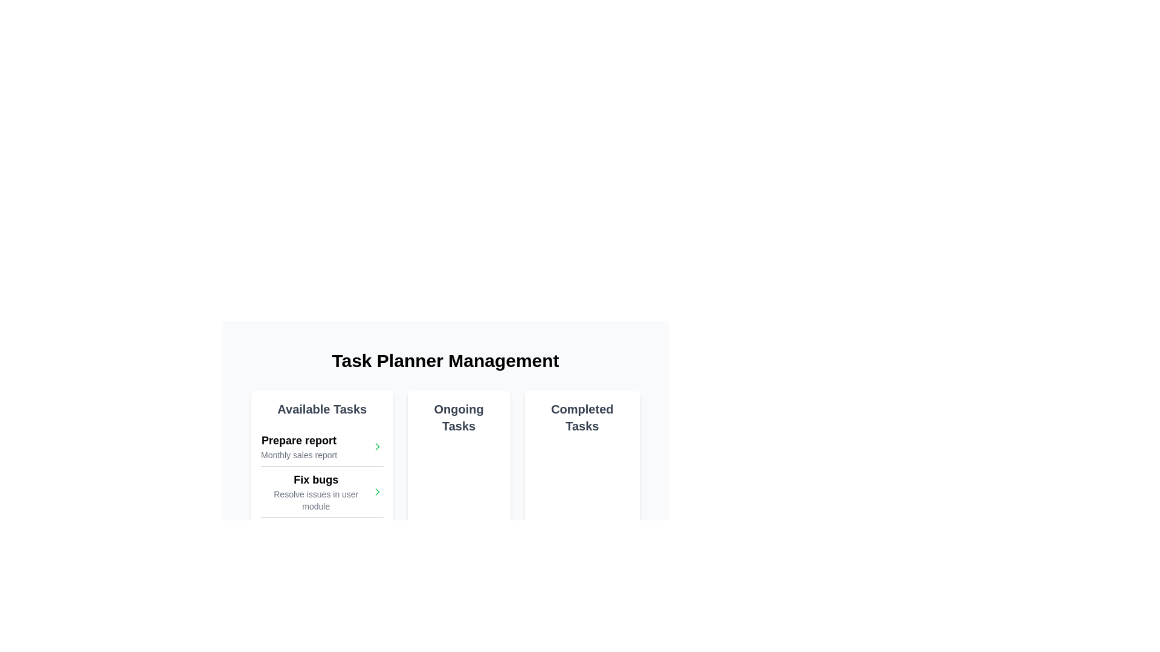 The width and height of the screenshot is (1160, 652). What do you see at coordinates (582, 478) in the screenshot?
I see `the 'Completed Tasks' card, which is the third card in a row of three, featuring a white background and rounded corners` at bounding box center [582, 478].